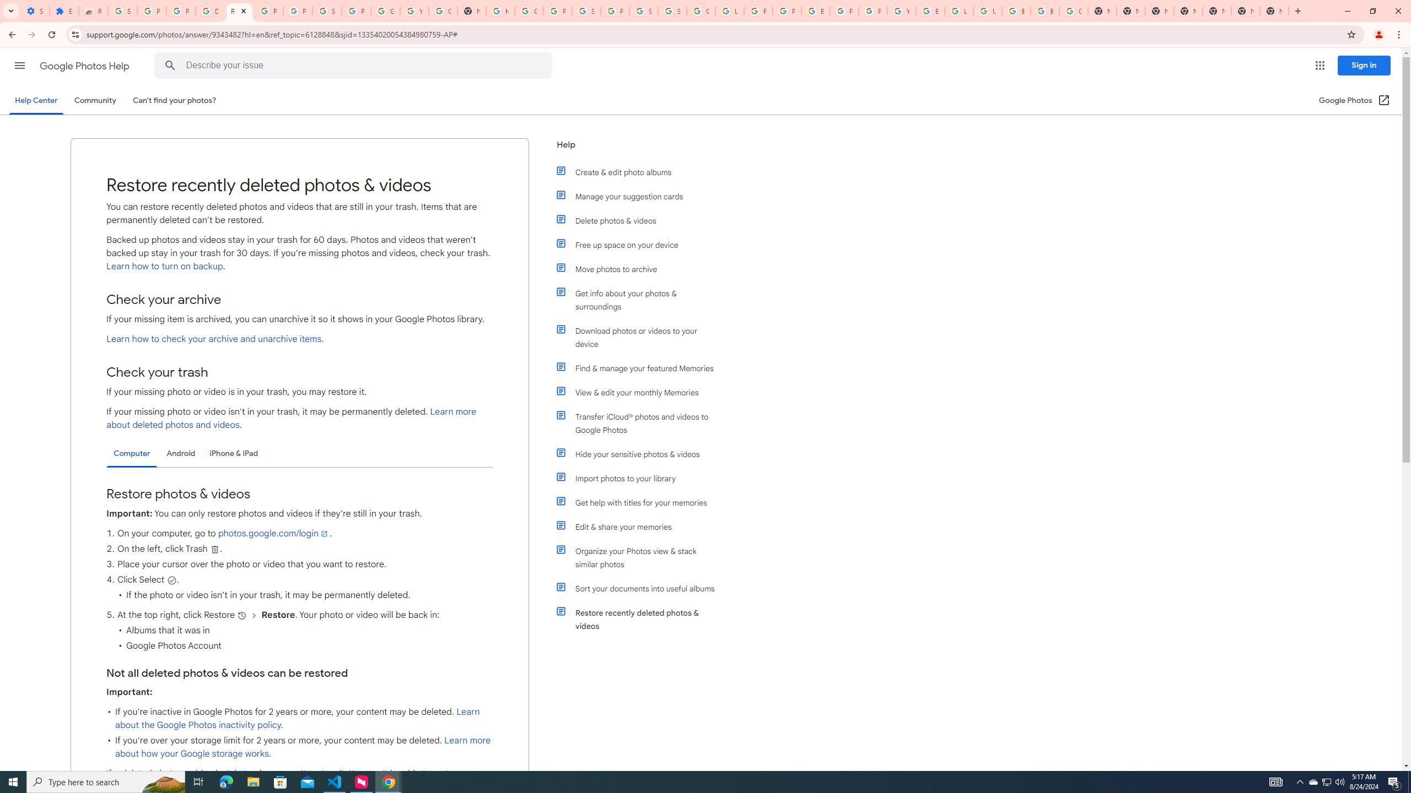  Describe the element at coordinates (355, 65) in the screenshot. I see `'Describe your issue'` at that location.